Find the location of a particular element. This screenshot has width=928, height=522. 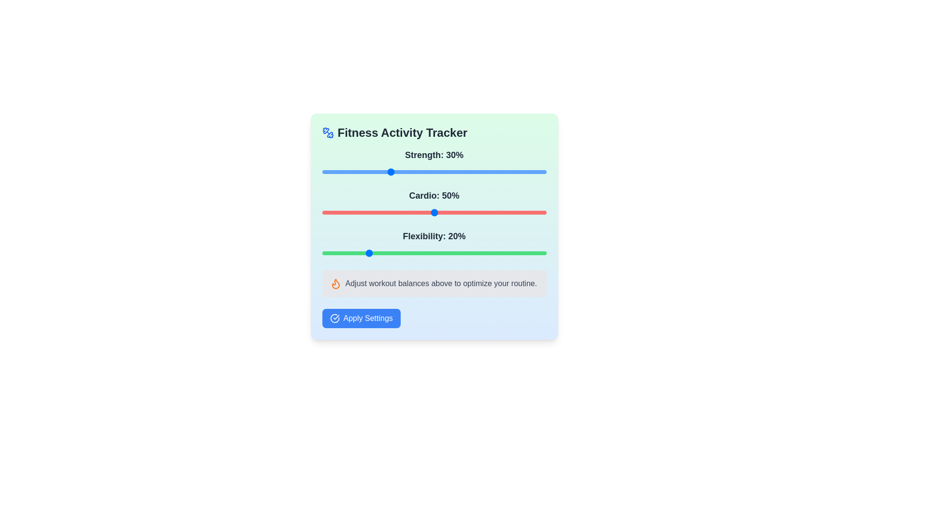

the Cardio slider is located at coordinates (470, 212).